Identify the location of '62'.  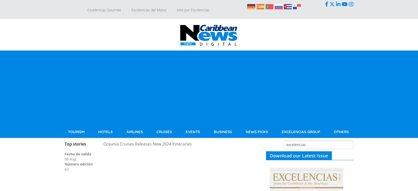
(67, 169).